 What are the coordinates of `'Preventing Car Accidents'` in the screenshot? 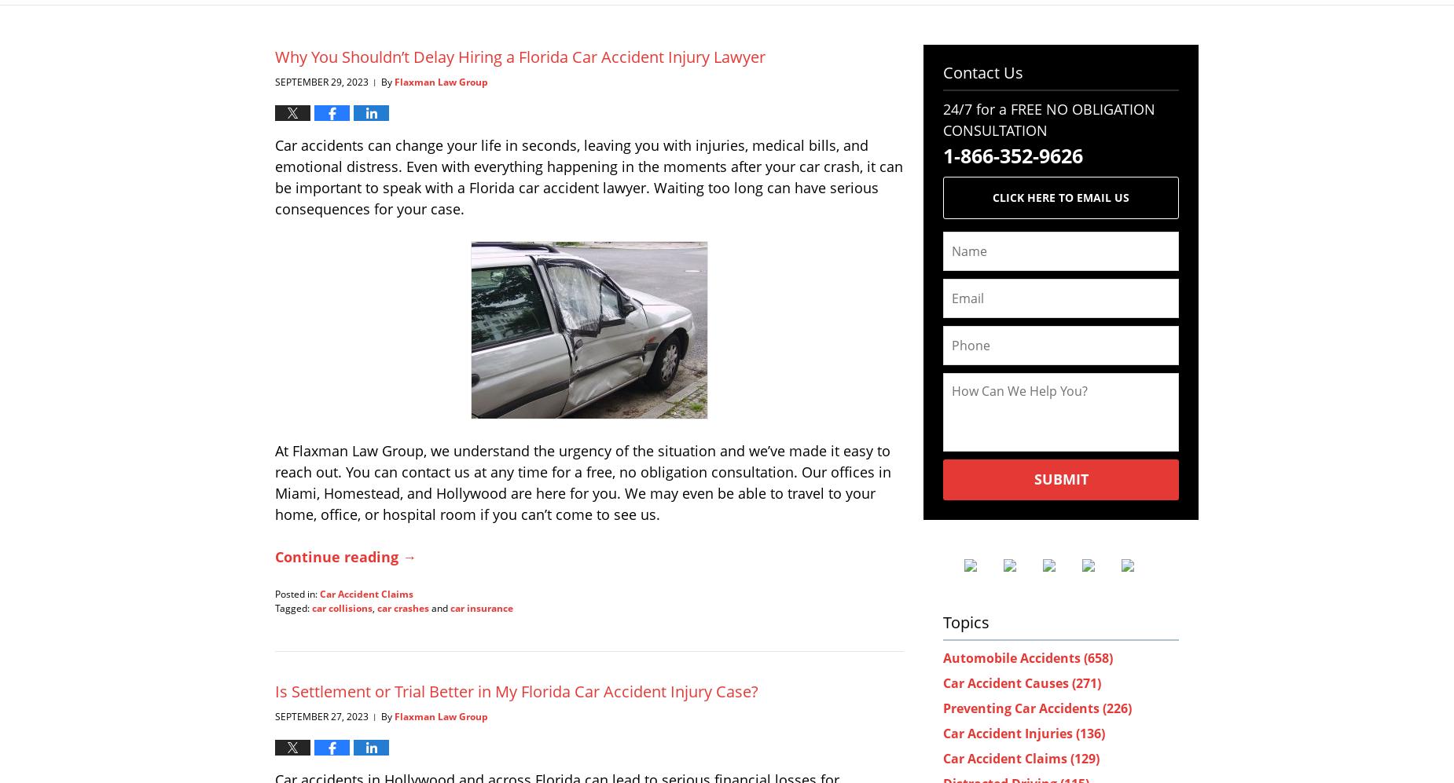 It's located at (1022, 706).